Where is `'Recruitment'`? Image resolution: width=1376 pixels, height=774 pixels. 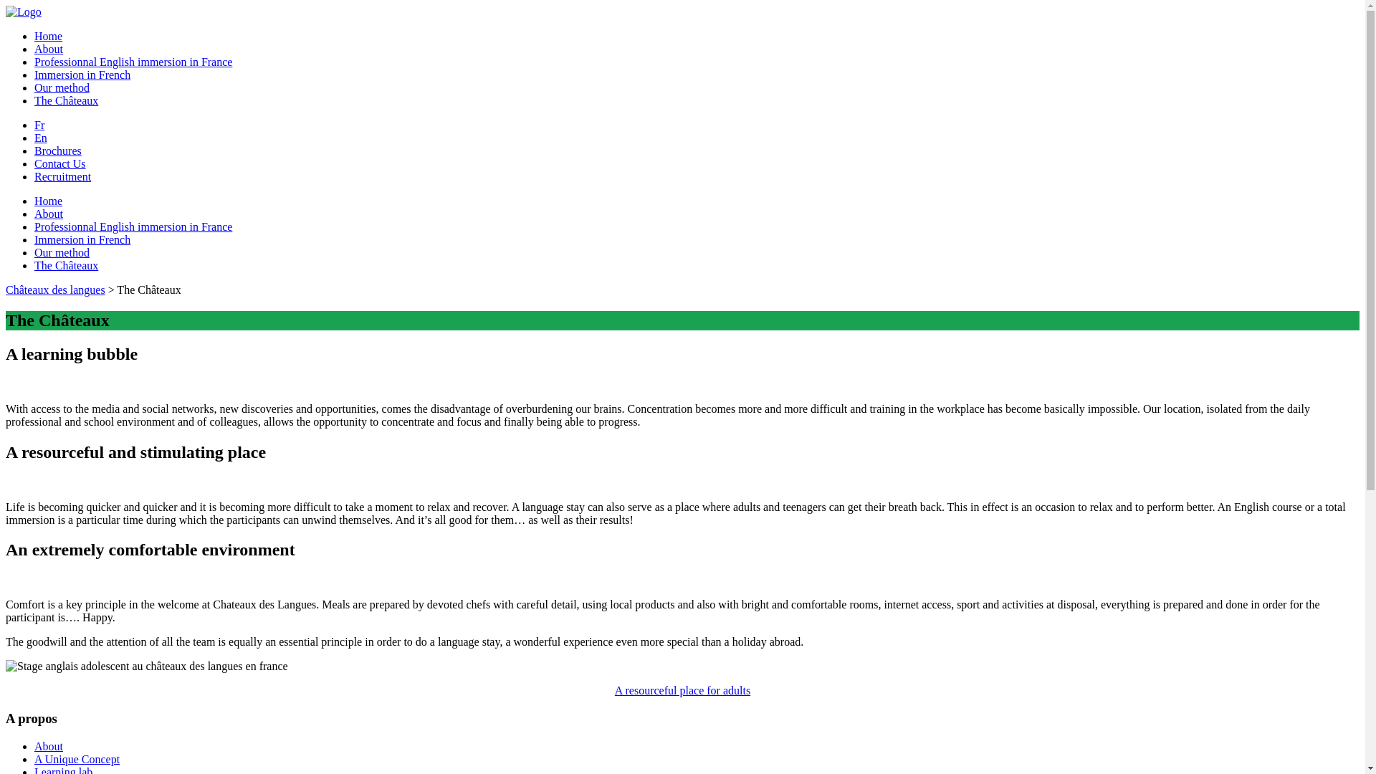
'Recruitment' is located at coordinates (62, 176).